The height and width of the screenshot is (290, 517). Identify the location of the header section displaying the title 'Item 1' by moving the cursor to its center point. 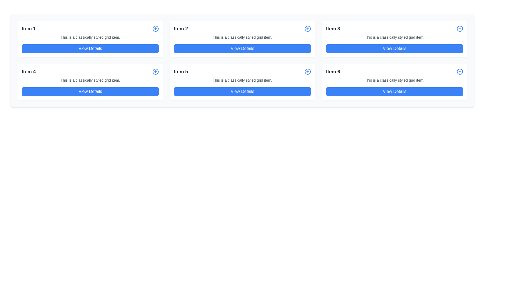
(90, 29).